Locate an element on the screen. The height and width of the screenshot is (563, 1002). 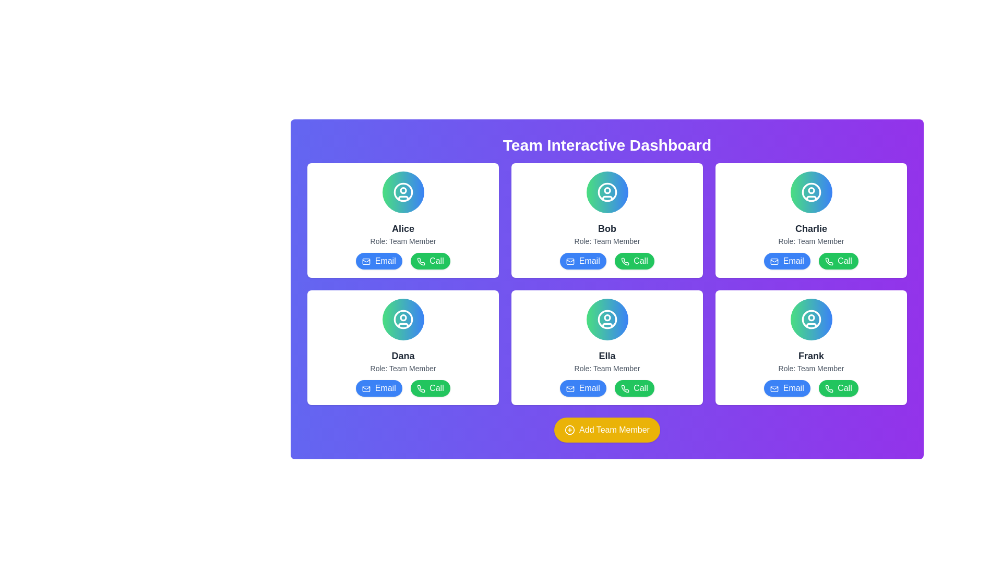
the 'Call' button in the action group for contacting 'Bob' is located at coordinates (607, 261).